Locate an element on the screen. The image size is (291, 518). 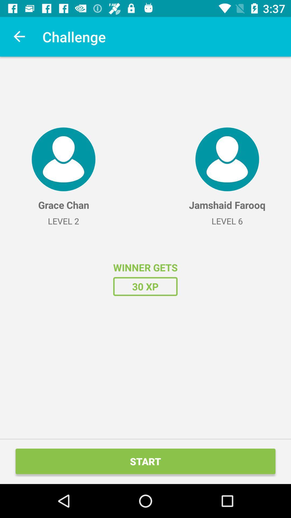
the start icon is located at coordinates (145, 461).